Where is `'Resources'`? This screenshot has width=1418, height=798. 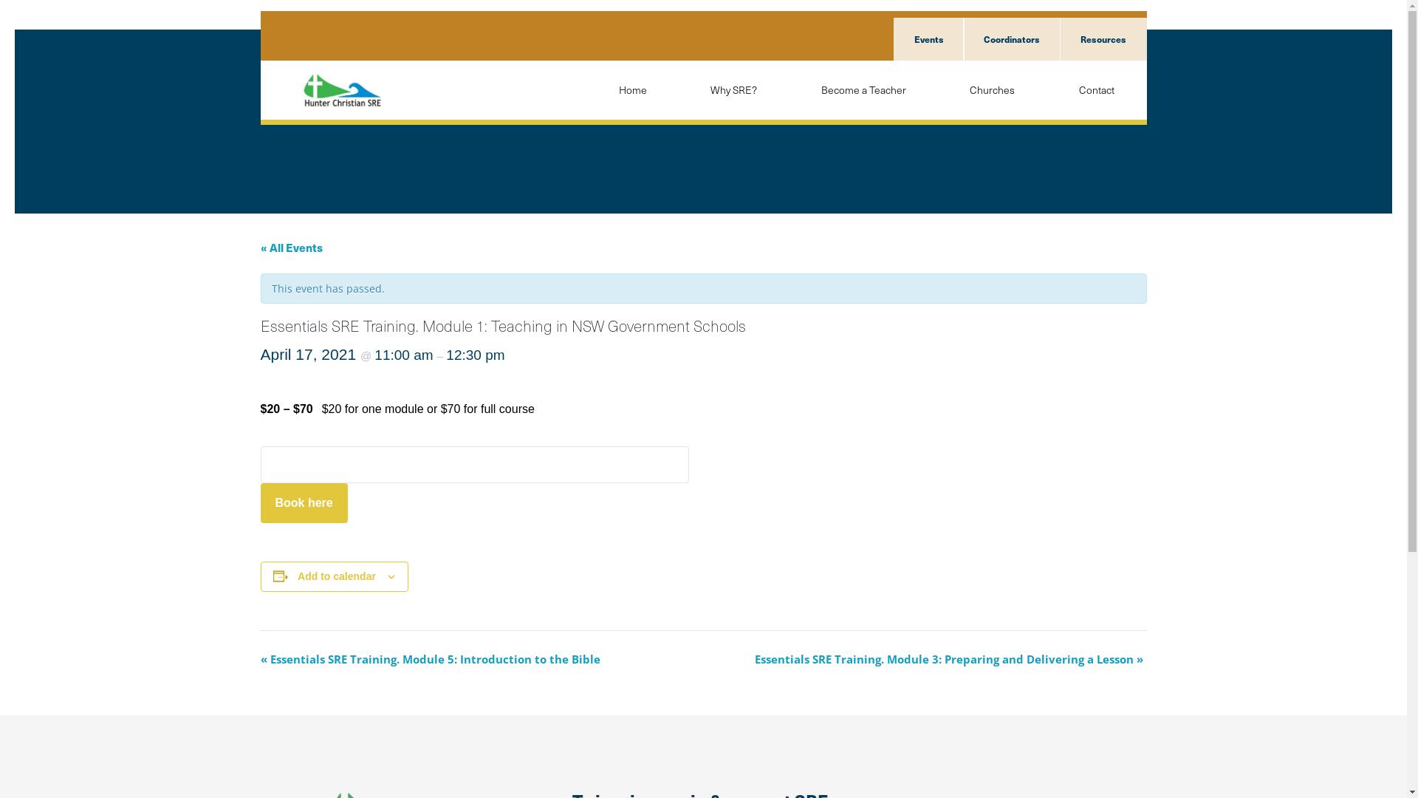
'Resources' is located at coordinates (1102, 38).